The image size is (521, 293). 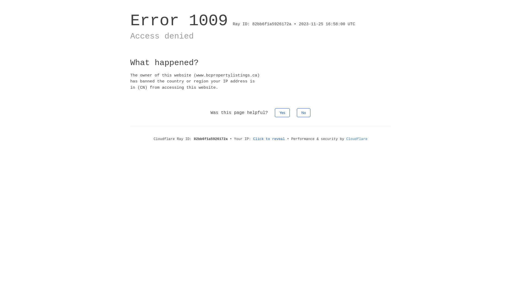 What do you see at coordinates (303, 112) in the screenshot?
I see `'No'` at bounding box center [303, 112].